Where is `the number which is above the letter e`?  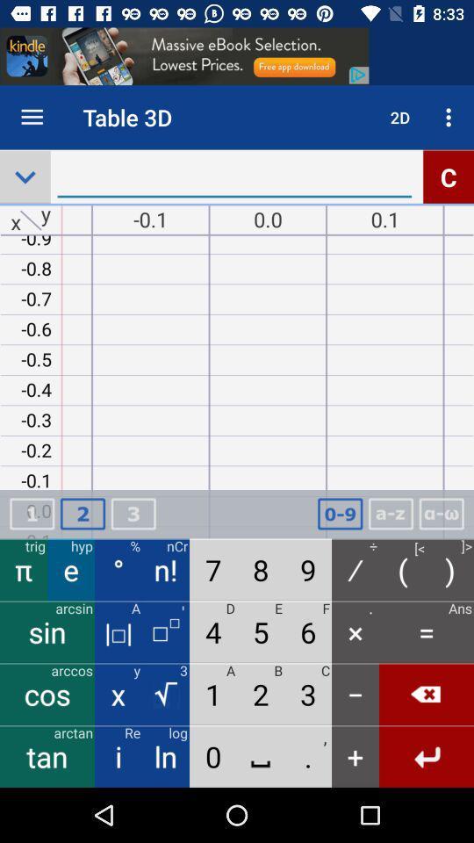 the number which is above the letter e is located at coordinates (82, 514).